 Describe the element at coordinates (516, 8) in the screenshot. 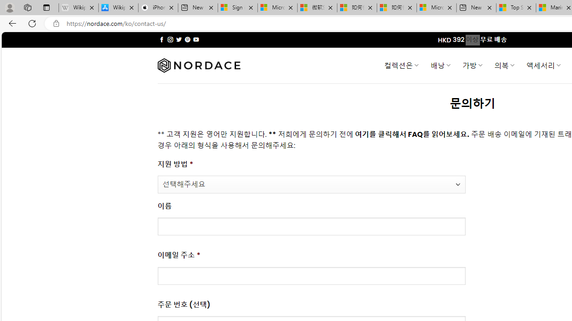

I see `'Top Stories - MSN'` at that location.